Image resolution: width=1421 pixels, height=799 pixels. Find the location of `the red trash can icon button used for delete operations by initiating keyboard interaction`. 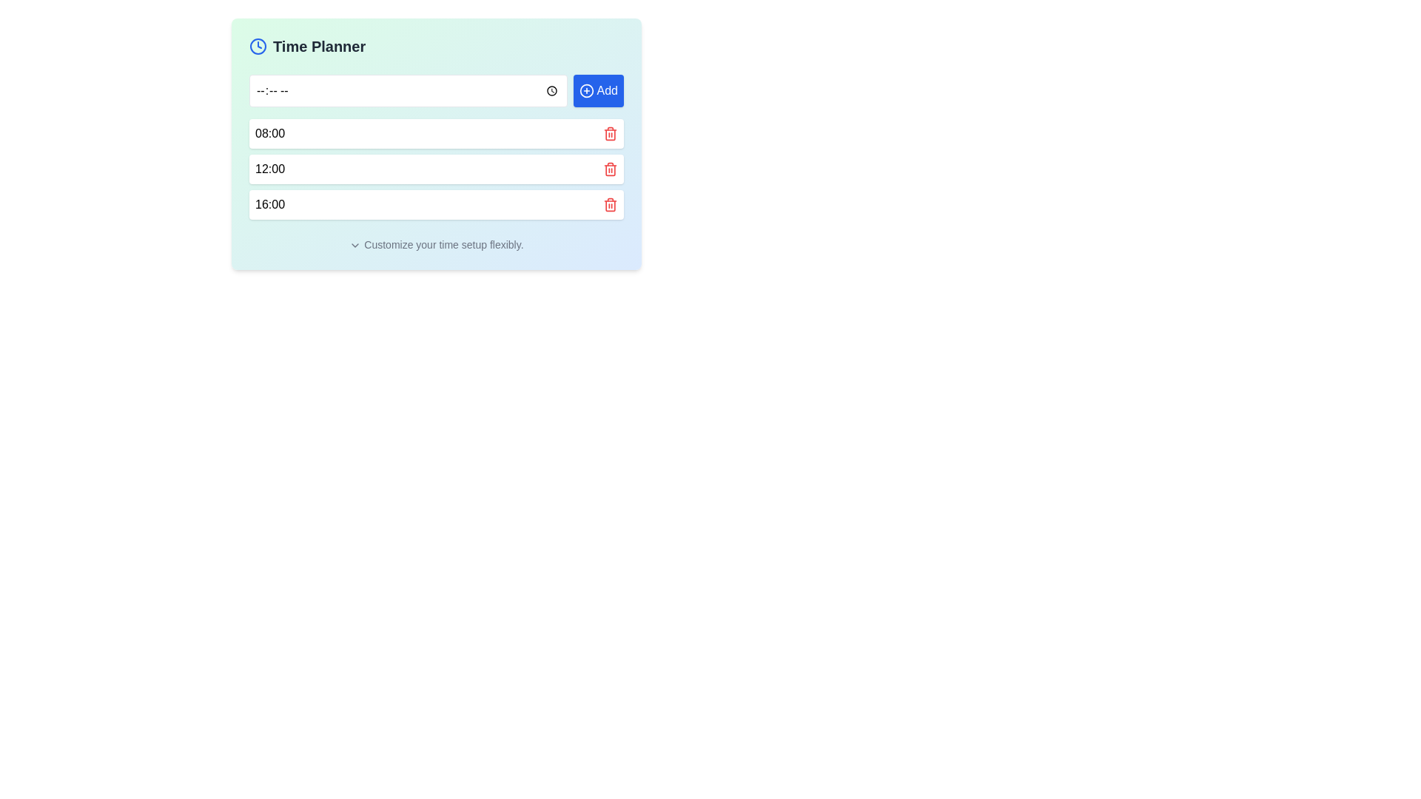

the red trash can icon button used for delete operations by initiating keyboard interaction is located at coordinates (611, 168).